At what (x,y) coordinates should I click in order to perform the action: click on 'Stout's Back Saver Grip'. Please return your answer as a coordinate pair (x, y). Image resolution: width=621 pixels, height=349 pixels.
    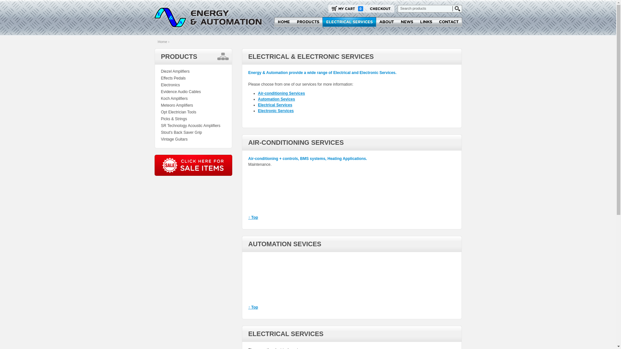
    Looking at the image, I should click on (181, 132).